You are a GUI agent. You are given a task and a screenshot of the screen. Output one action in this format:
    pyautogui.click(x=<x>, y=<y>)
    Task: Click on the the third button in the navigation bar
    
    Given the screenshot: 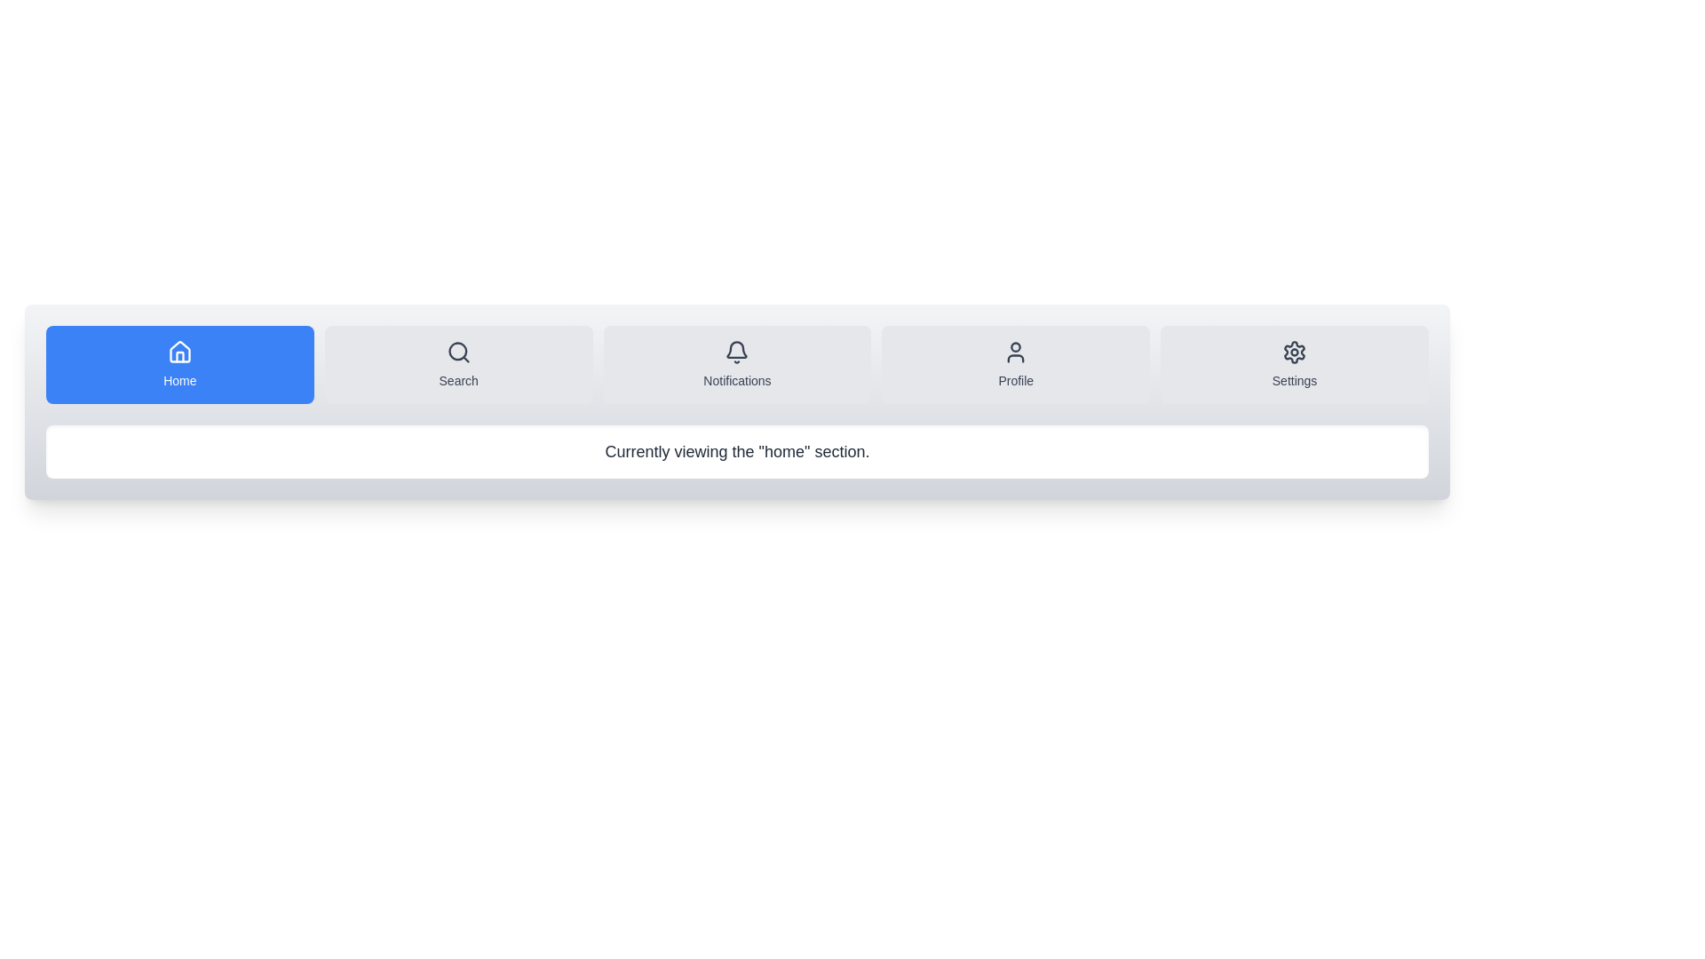 What is the action you would take?
    pyautogui.click(x=737, y=364)
    